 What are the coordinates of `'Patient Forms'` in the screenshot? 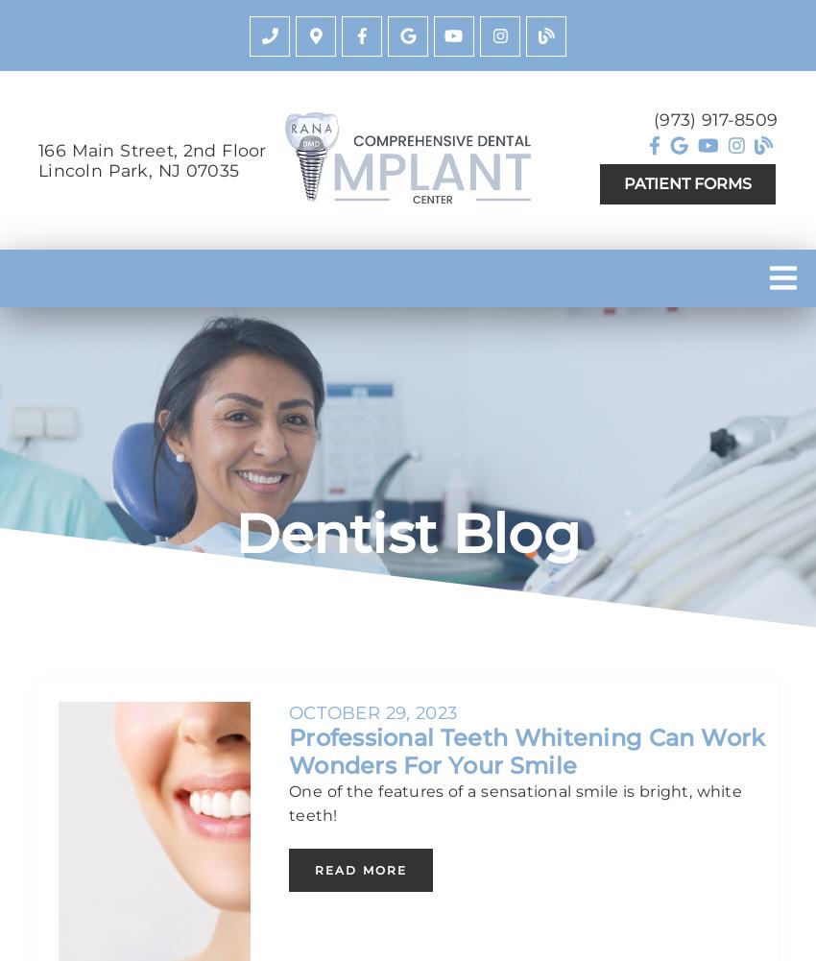 It's located at (686, 183).